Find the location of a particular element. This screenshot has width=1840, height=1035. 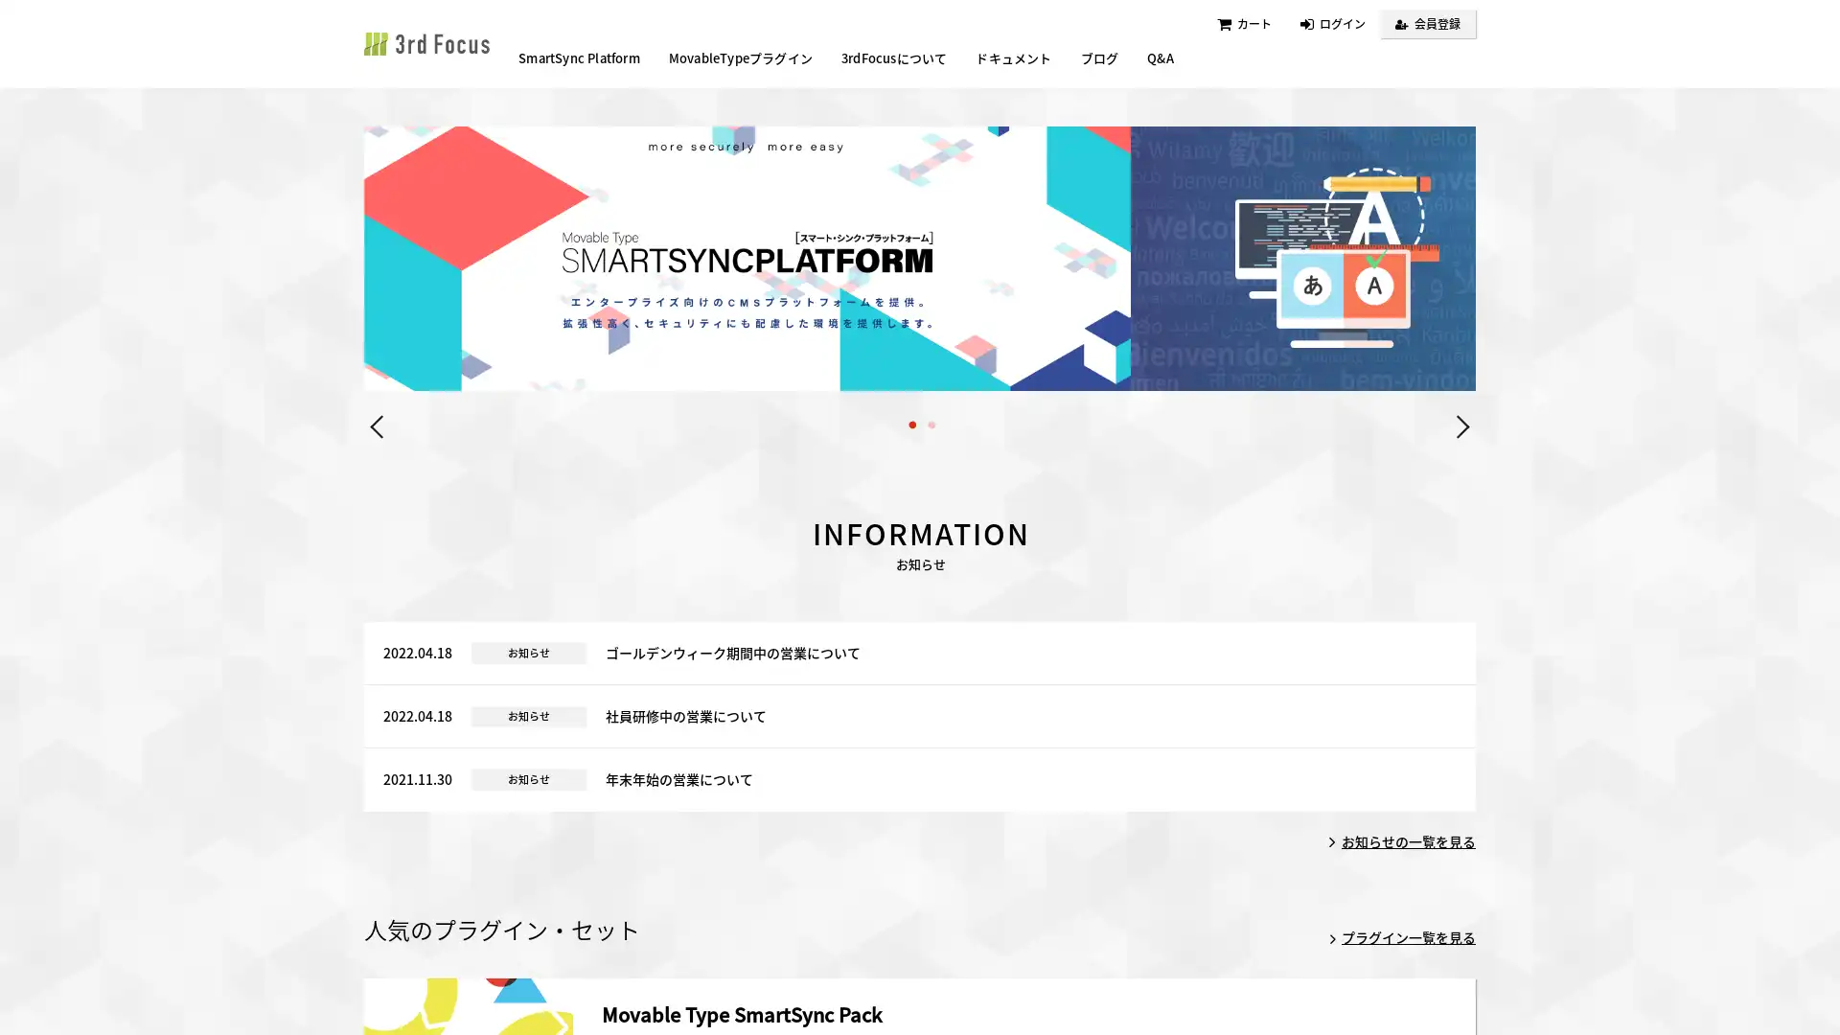

2 is located at coordinates (931, 542).